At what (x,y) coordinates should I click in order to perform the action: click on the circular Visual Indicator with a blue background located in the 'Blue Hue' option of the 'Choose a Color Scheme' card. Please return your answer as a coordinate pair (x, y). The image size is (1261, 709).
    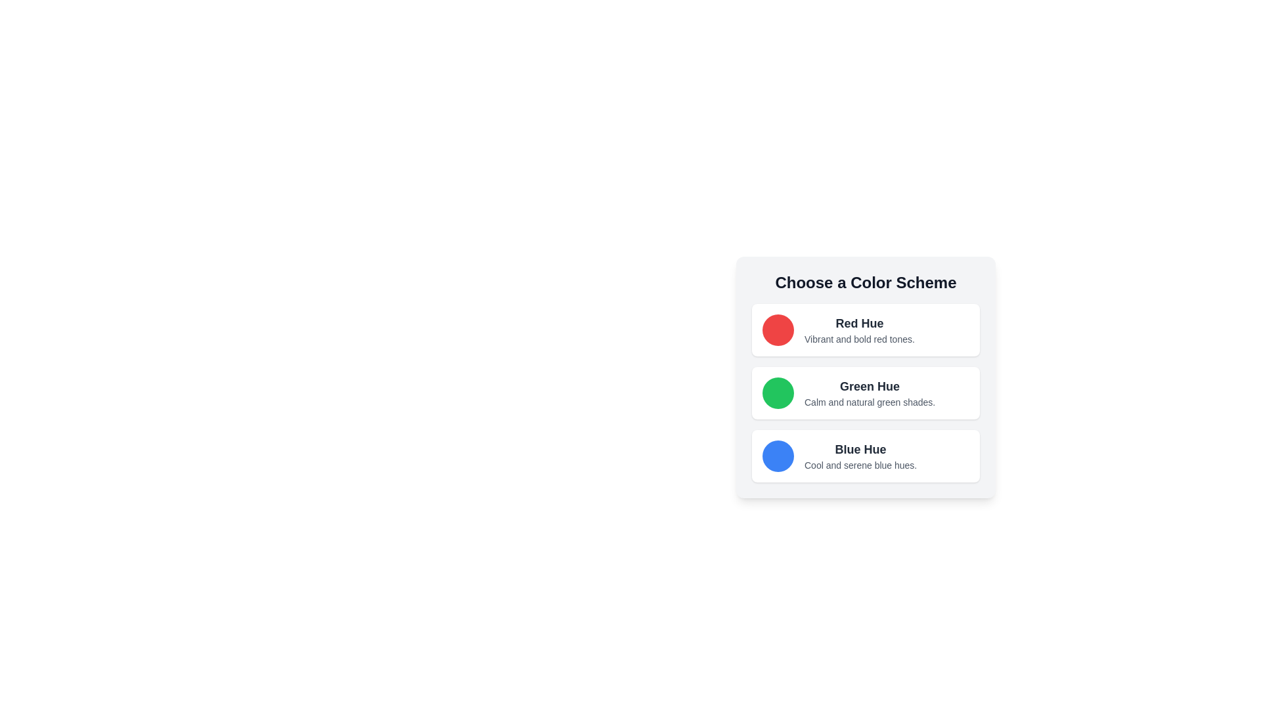
    Looking at the image, I should click on (778, 455).